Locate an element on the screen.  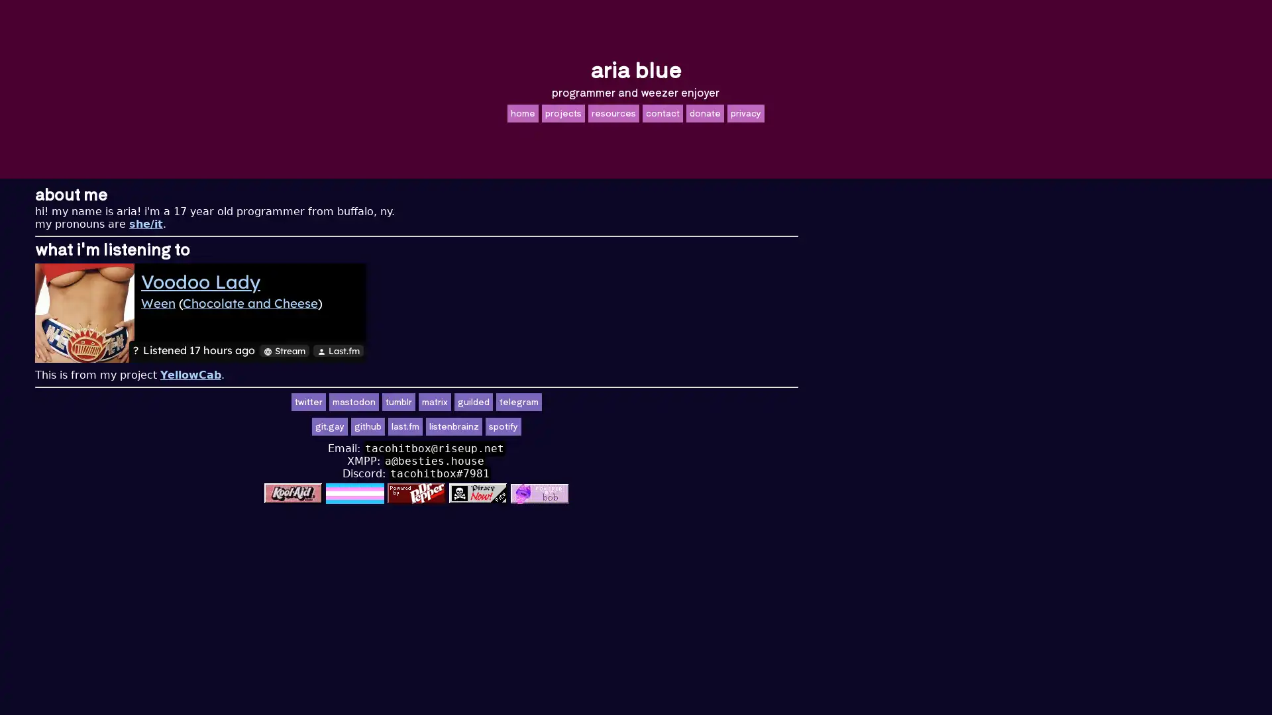
twitter is located at coordinates (527, 401).